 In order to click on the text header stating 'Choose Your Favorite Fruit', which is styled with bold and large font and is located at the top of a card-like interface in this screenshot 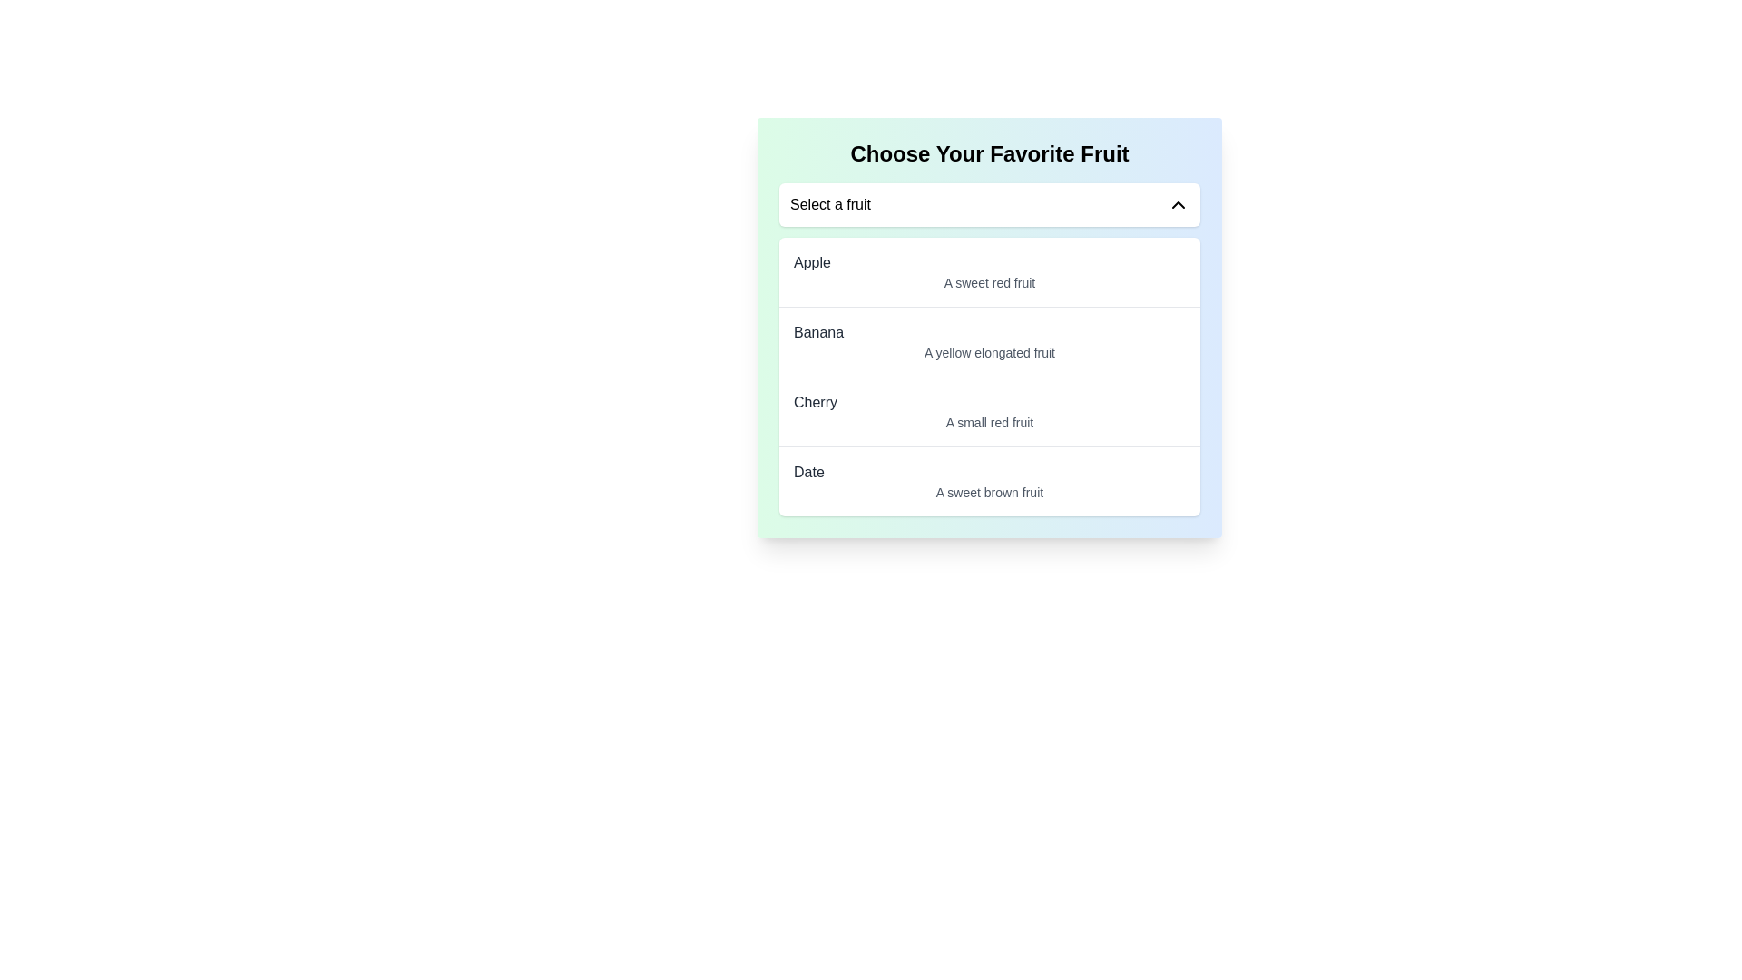, I will do `click(988, 152)`.